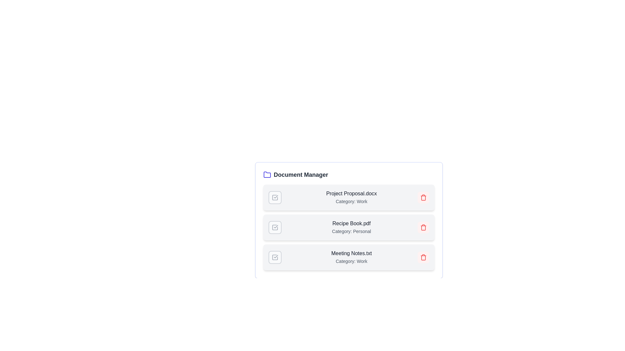  I want to click on the text label displaying 'Recipe Book.pdf' which is styled in medium font weight and is part of a list of documents, so click(351, 227).